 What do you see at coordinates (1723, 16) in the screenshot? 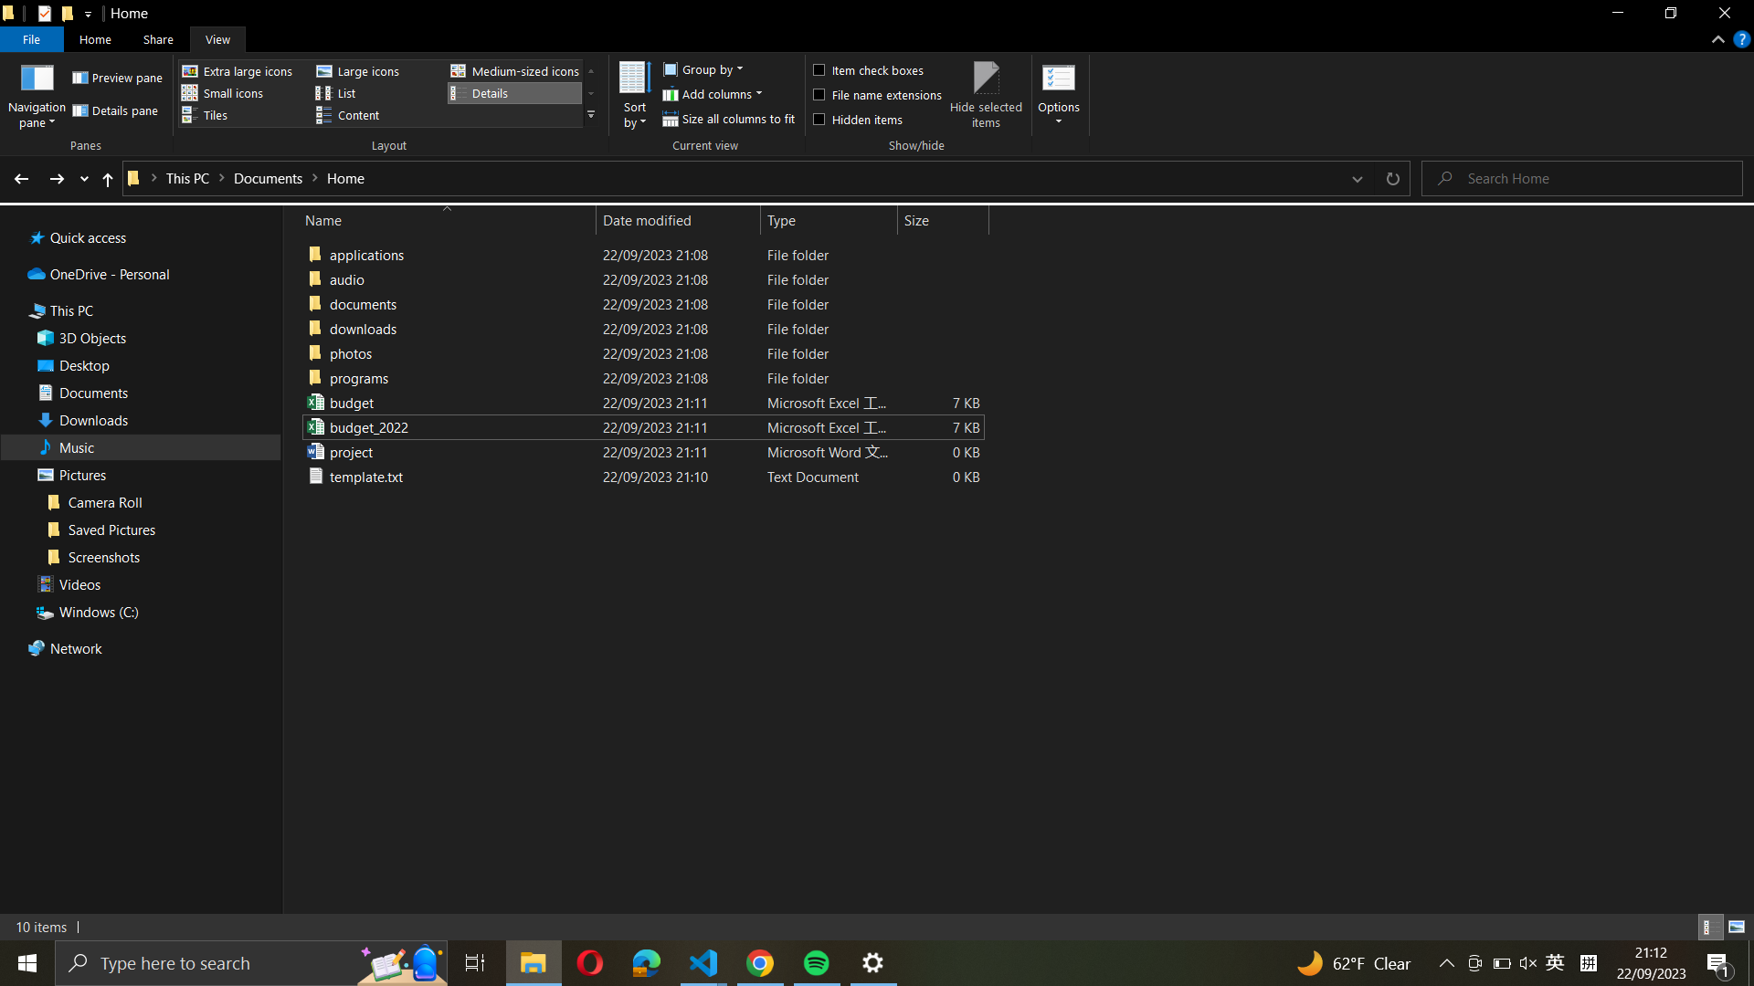
I see `the shutting down of the current interface by clicking the "close_window" option` at bounding box center [1723, 16].